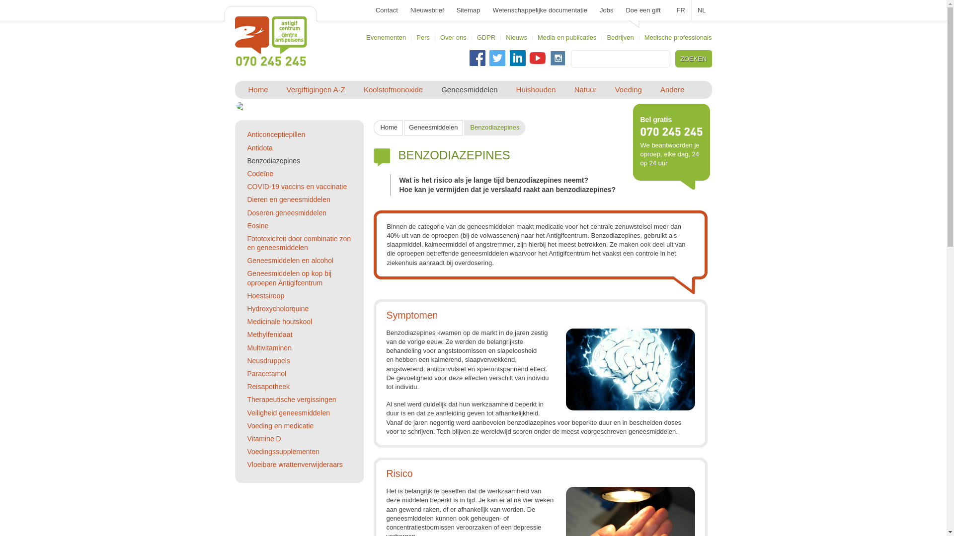  Describe the element at coordinates (677, 37) in the screenshot. I see `'Medische professionals'` at that location.